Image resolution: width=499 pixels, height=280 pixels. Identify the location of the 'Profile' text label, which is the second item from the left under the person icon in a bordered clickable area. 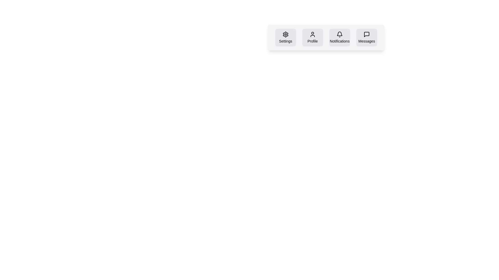
(312, 41).